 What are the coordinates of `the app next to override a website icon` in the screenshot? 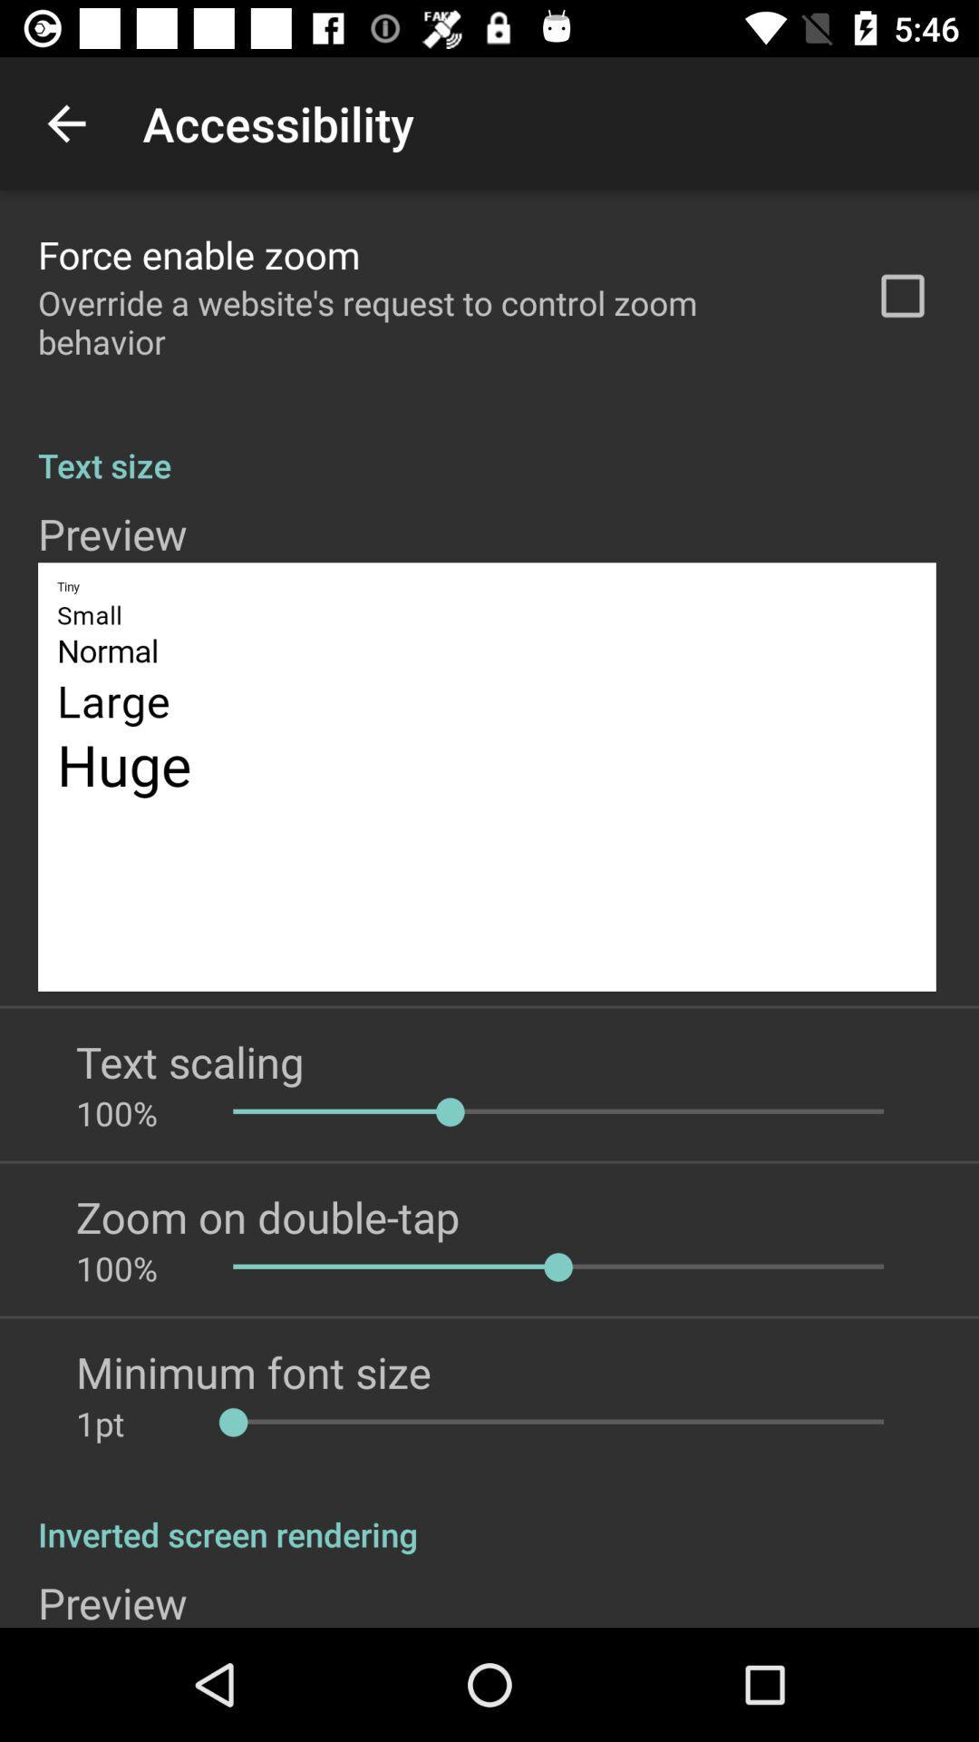 It's located at (902, 296).